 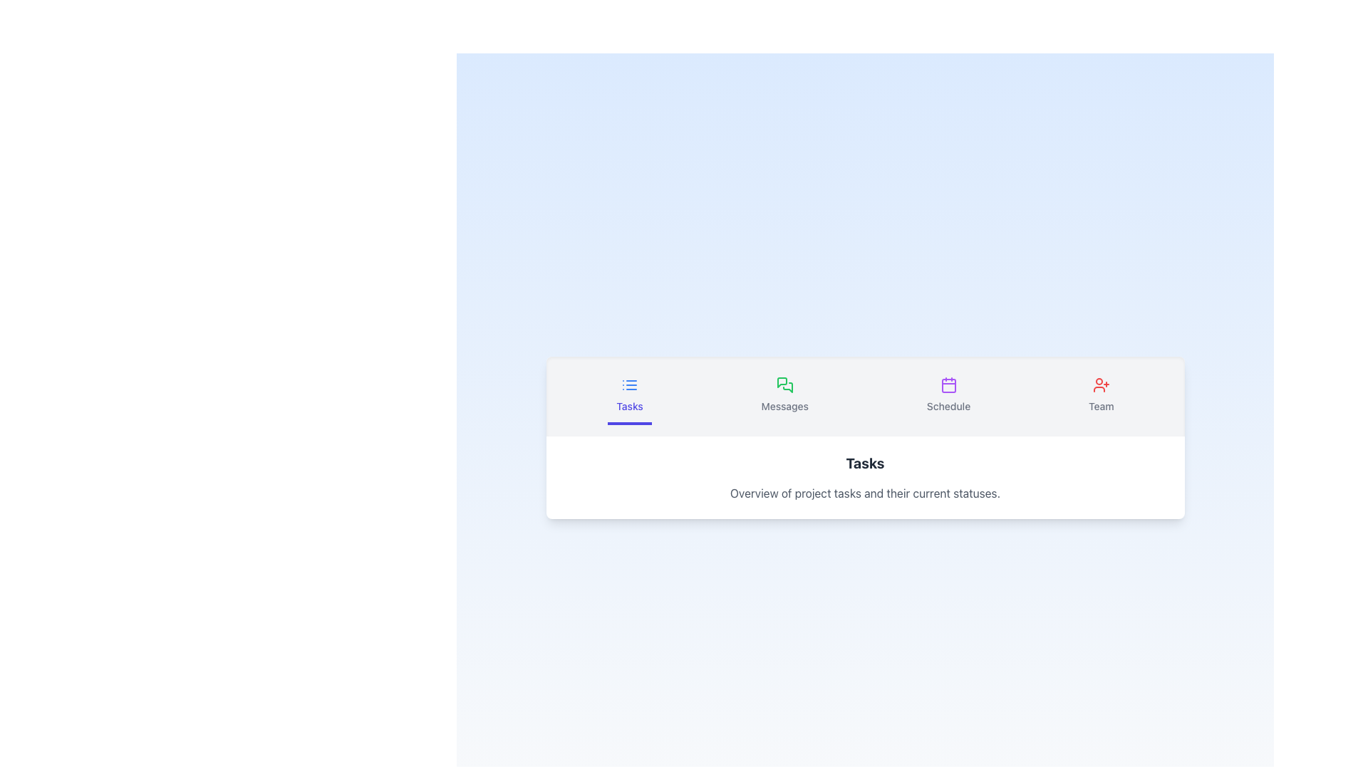 What do you see at coordinates (864, 464) in the screenshot?
I see `text from the title Text Label located at the top of the section below the navigation bar, which serves as an indication of the content or purpose of this part of the interface` at bounding box center [864, 464].